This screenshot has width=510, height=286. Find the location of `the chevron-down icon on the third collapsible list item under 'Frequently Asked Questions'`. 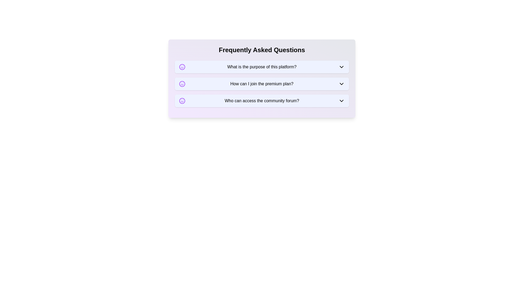

the chevron-down icon on the third collapsible list item under 'Frequently Asked Questions' is located at coordinates (262, 101).